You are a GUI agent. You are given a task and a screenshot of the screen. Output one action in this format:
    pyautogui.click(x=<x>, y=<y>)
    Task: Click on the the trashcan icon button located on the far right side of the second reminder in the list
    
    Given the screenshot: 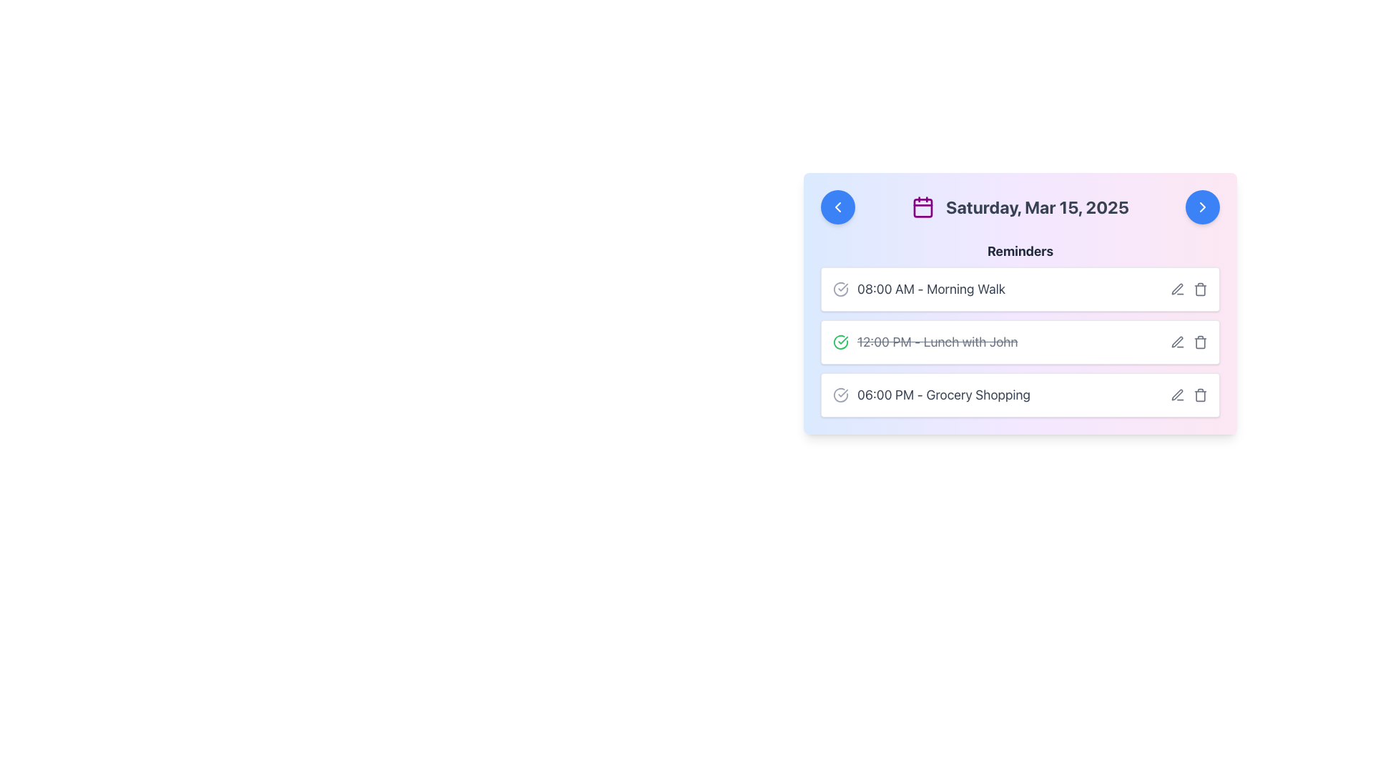 What is the action you would take?
    pyautogui.click(x=1201, y=342)
    